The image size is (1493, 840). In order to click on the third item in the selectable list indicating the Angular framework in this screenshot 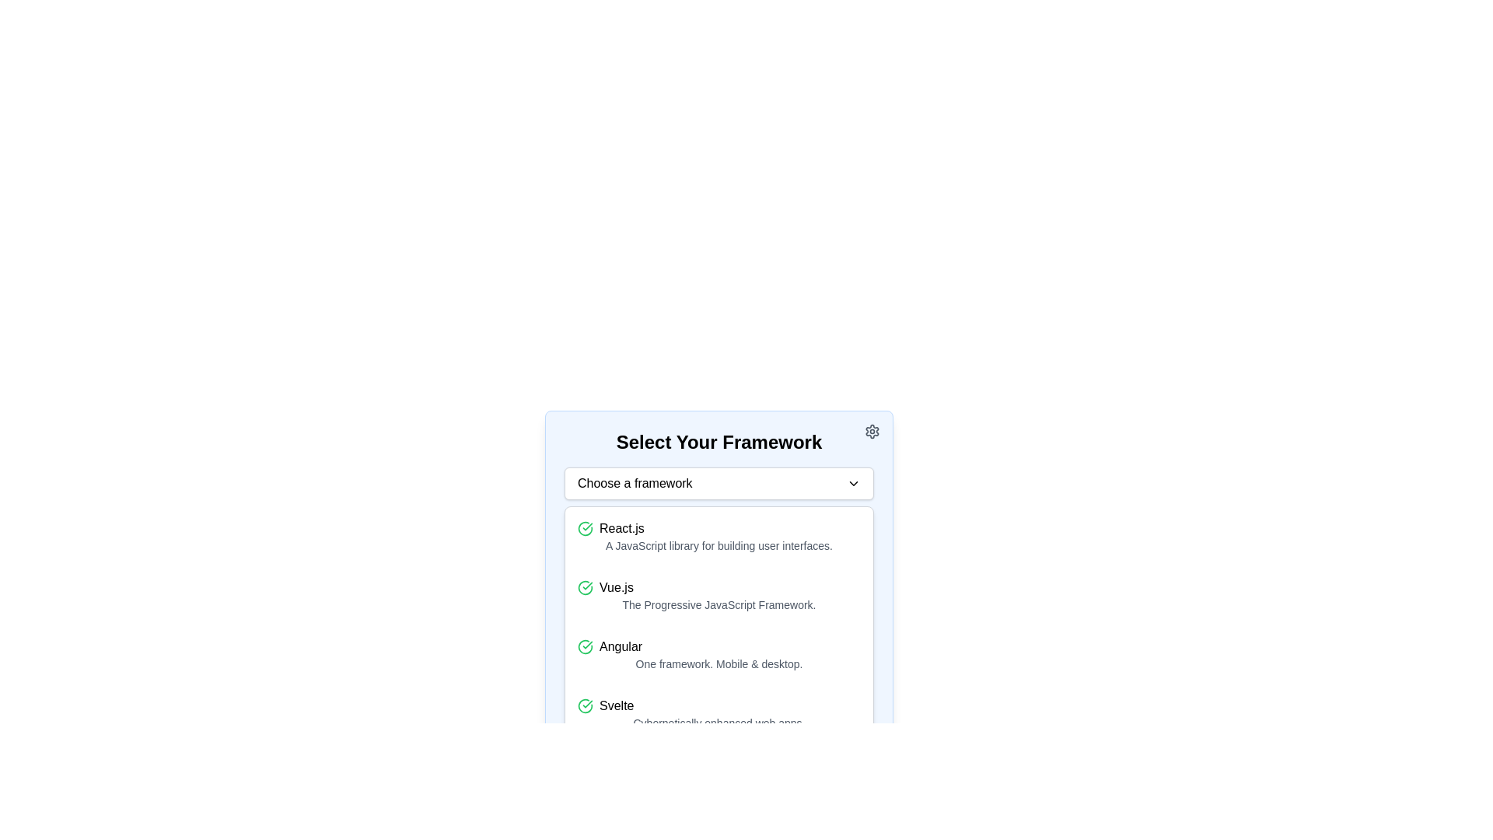, I will do `click(719, 654)`.